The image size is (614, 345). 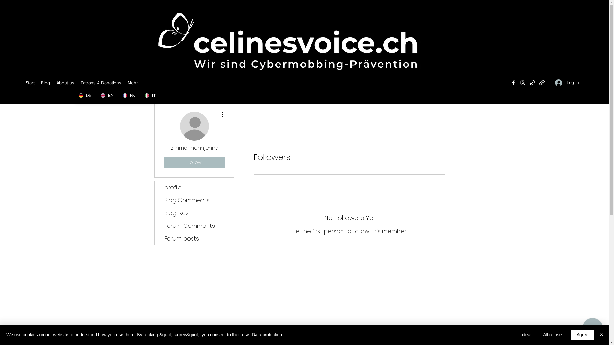 I want to click on 'Forum posts', so click(x=194, y=239).